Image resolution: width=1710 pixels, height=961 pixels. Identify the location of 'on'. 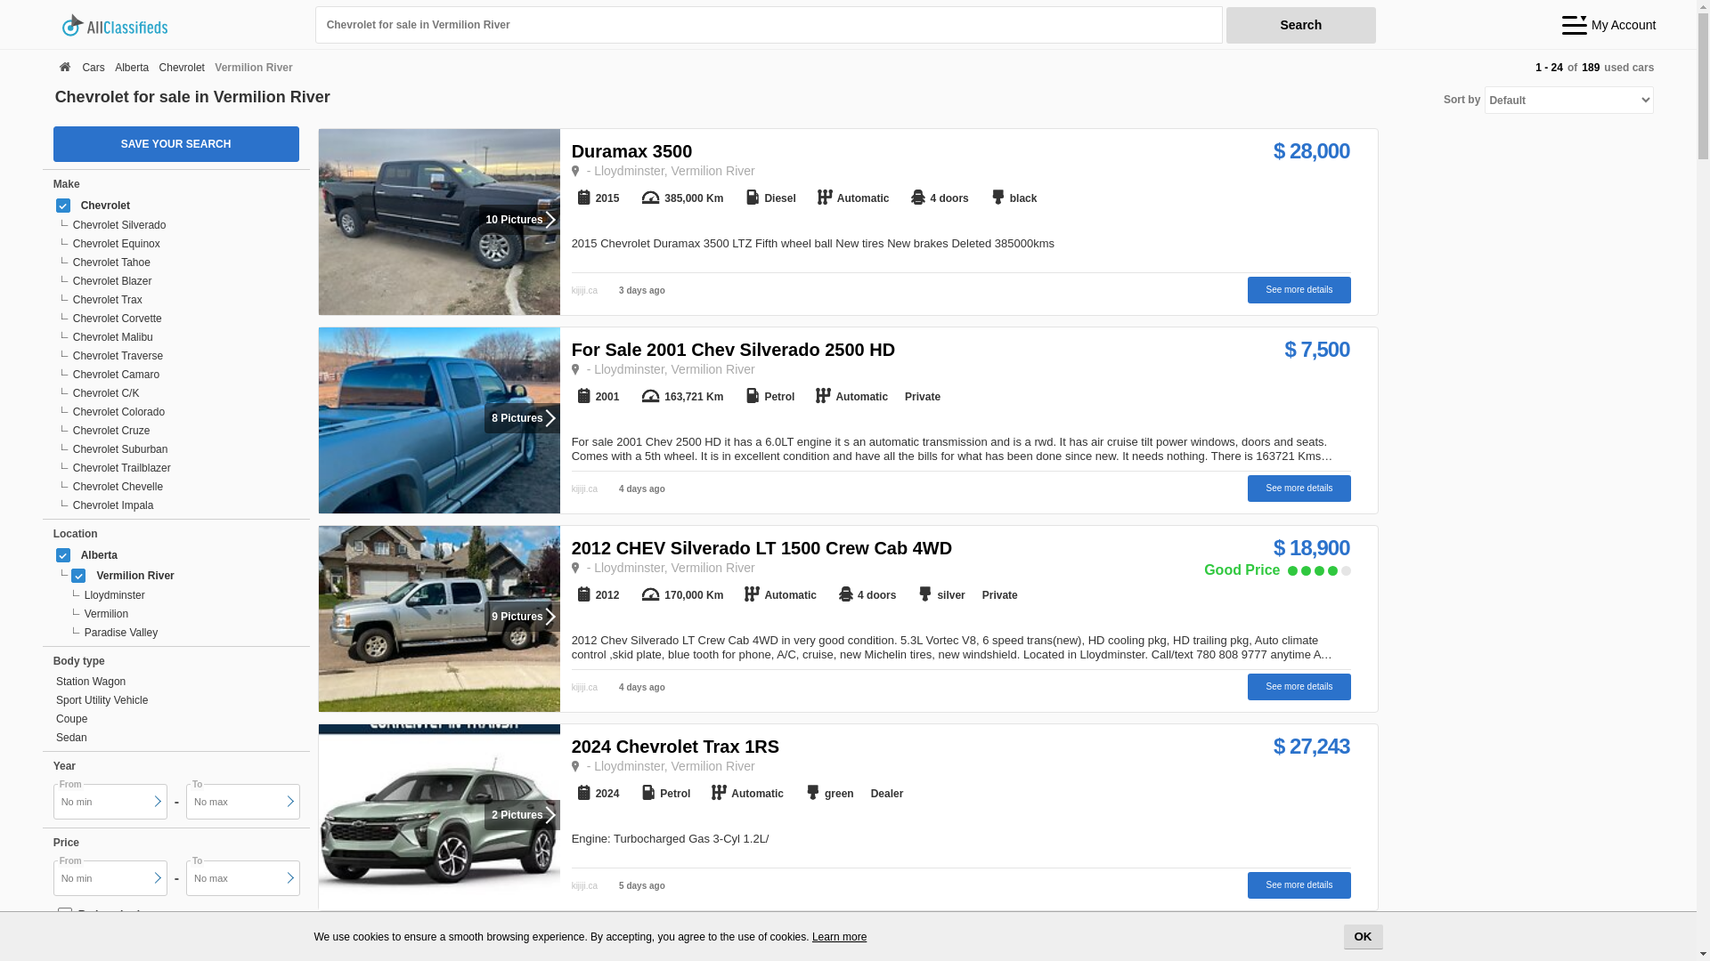
(58, 915).